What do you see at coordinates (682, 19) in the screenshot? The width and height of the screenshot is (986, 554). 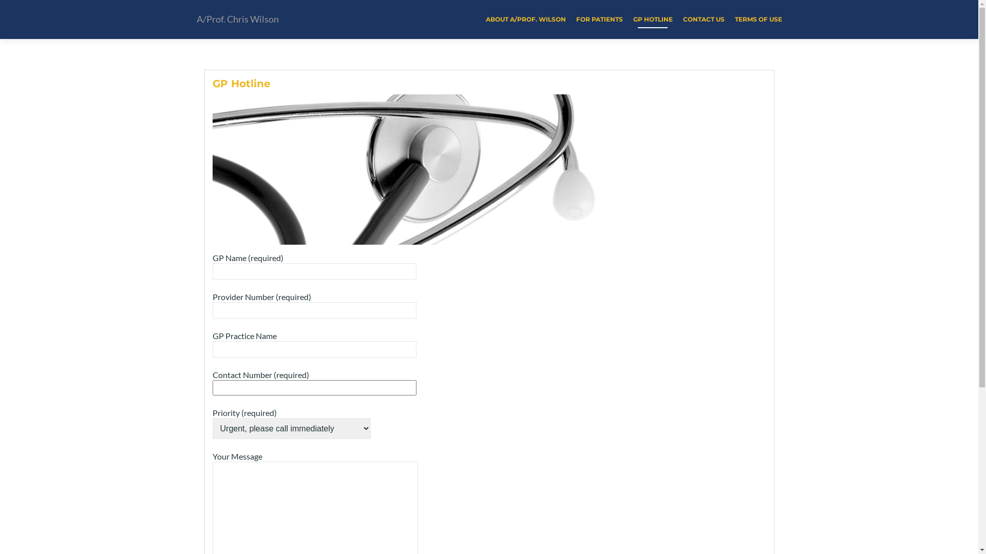 I see `'CONTACT US'` at bounding box center [682, 19].